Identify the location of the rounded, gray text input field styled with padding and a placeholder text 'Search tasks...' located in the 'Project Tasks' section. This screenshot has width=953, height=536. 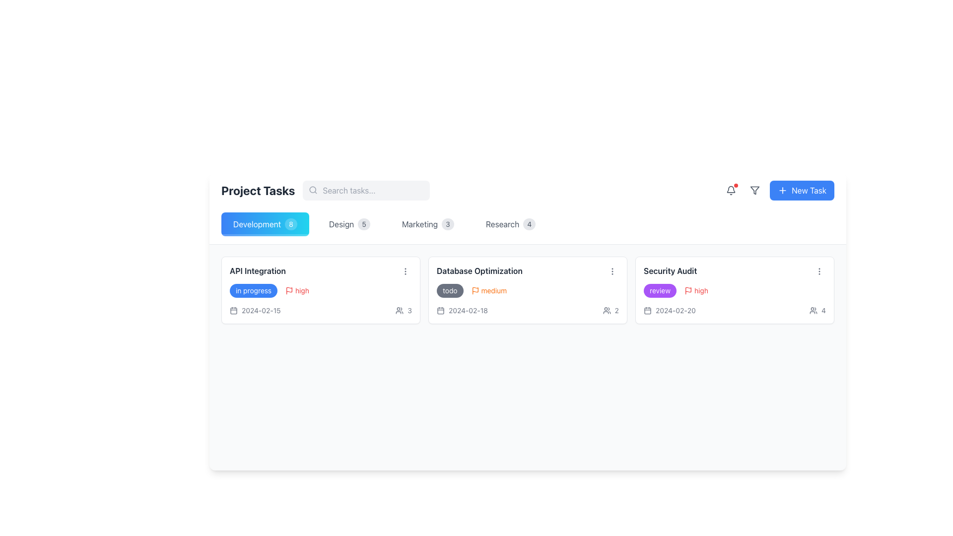
(366, 191).